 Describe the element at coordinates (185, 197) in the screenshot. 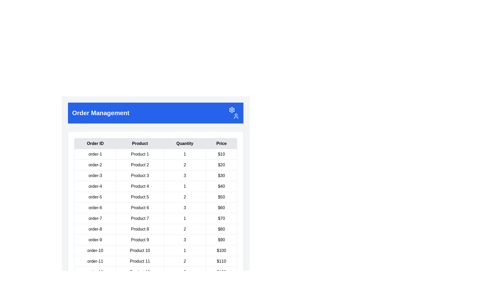

I see `to select the quantity value displayed in the third column of the fifth row (order-5) in the table` at that location.